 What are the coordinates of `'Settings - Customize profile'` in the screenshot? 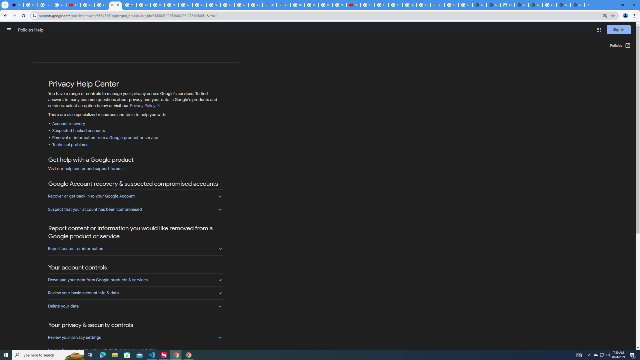 It's located at (16, 5).